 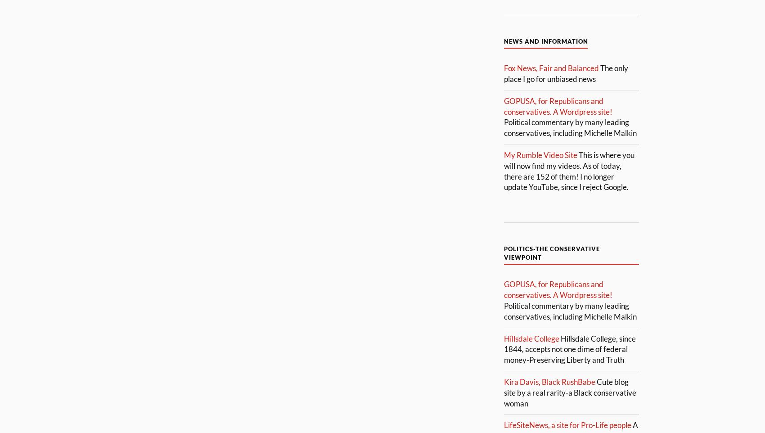 I want to click on 'Fox News, Fair and Balanced', so click(x=551, y=68).